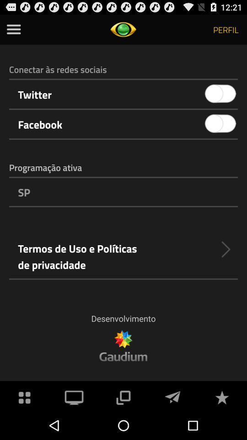 This screenshot has height=440, width=247. Describe the element at coordinates (220, 123) in the screenshot. I see `icon to the right of the facebook item` at that location.